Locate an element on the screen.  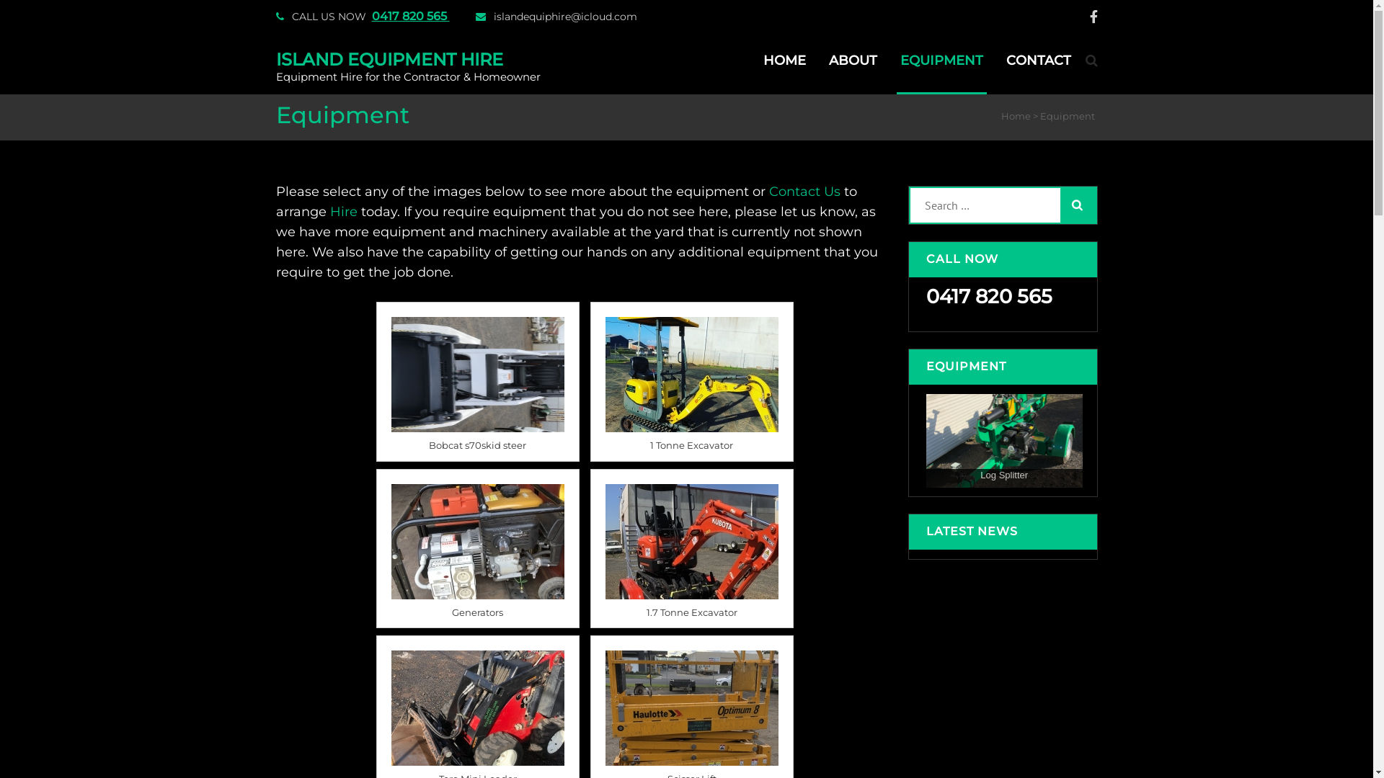
'HOME' is located at coordinates (784, 72).